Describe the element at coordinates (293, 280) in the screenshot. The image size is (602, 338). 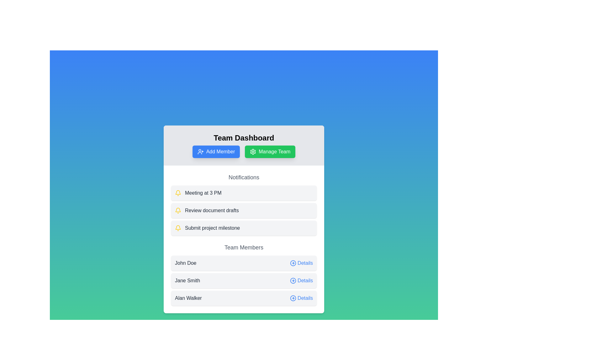
I see `the decorative circular SVG element that visually frames the arrow graphic for user 'Jane Smith' in the 'Team Members' section` at that location.